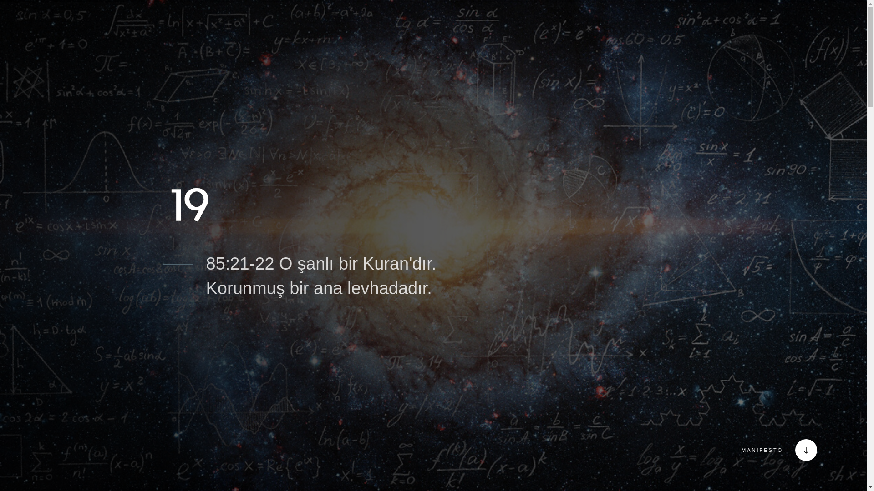 This screenshot has width=874, height=491. Describe the element at coordinates (796, 450) in the screenshot. I see `'MANIFESTO'` at that location.